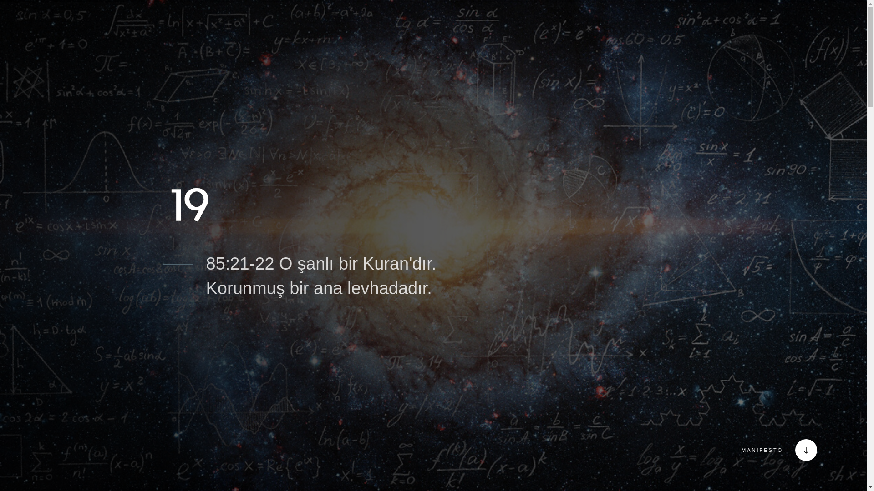 This screenshot has width=874, height=491. Describe the element at coordinates (796, 450) in the screenshot. I see `'MANIFESTO'` at that location.